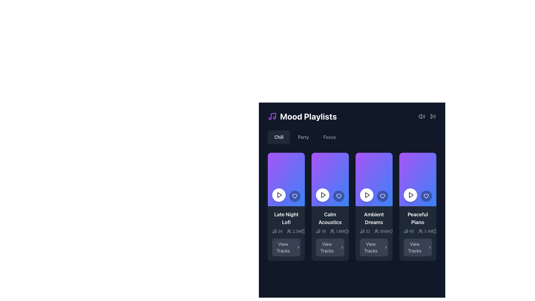 The height and width of the screenshot is (301, 535). Describe the element at coordinates (418, 247) in the screenshot. I see `the button located in the bottom section of the 'Peaceful Piano' playlist card` at that location.